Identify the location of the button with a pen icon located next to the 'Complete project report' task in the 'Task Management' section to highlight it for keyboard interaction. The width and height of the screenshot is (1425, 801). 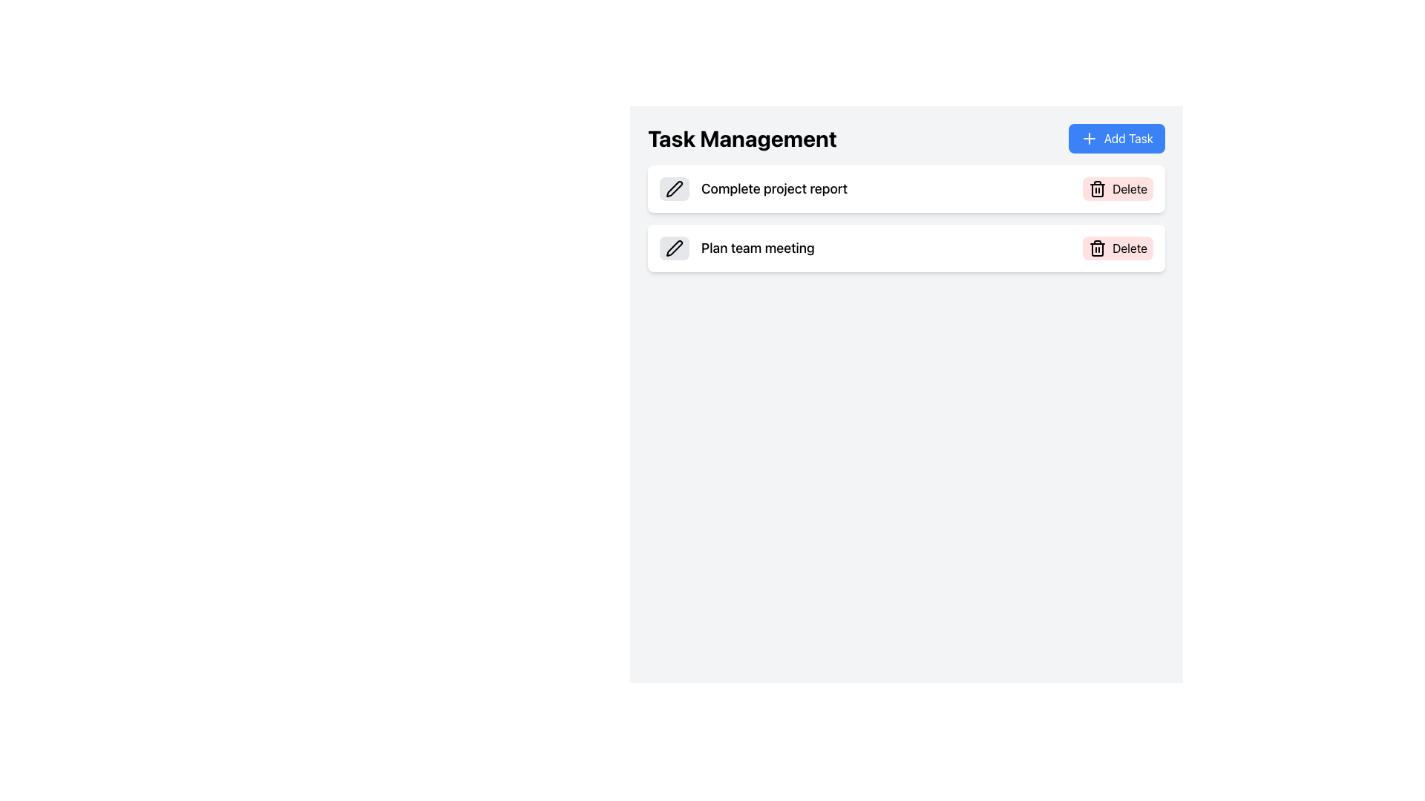
(673, 188).